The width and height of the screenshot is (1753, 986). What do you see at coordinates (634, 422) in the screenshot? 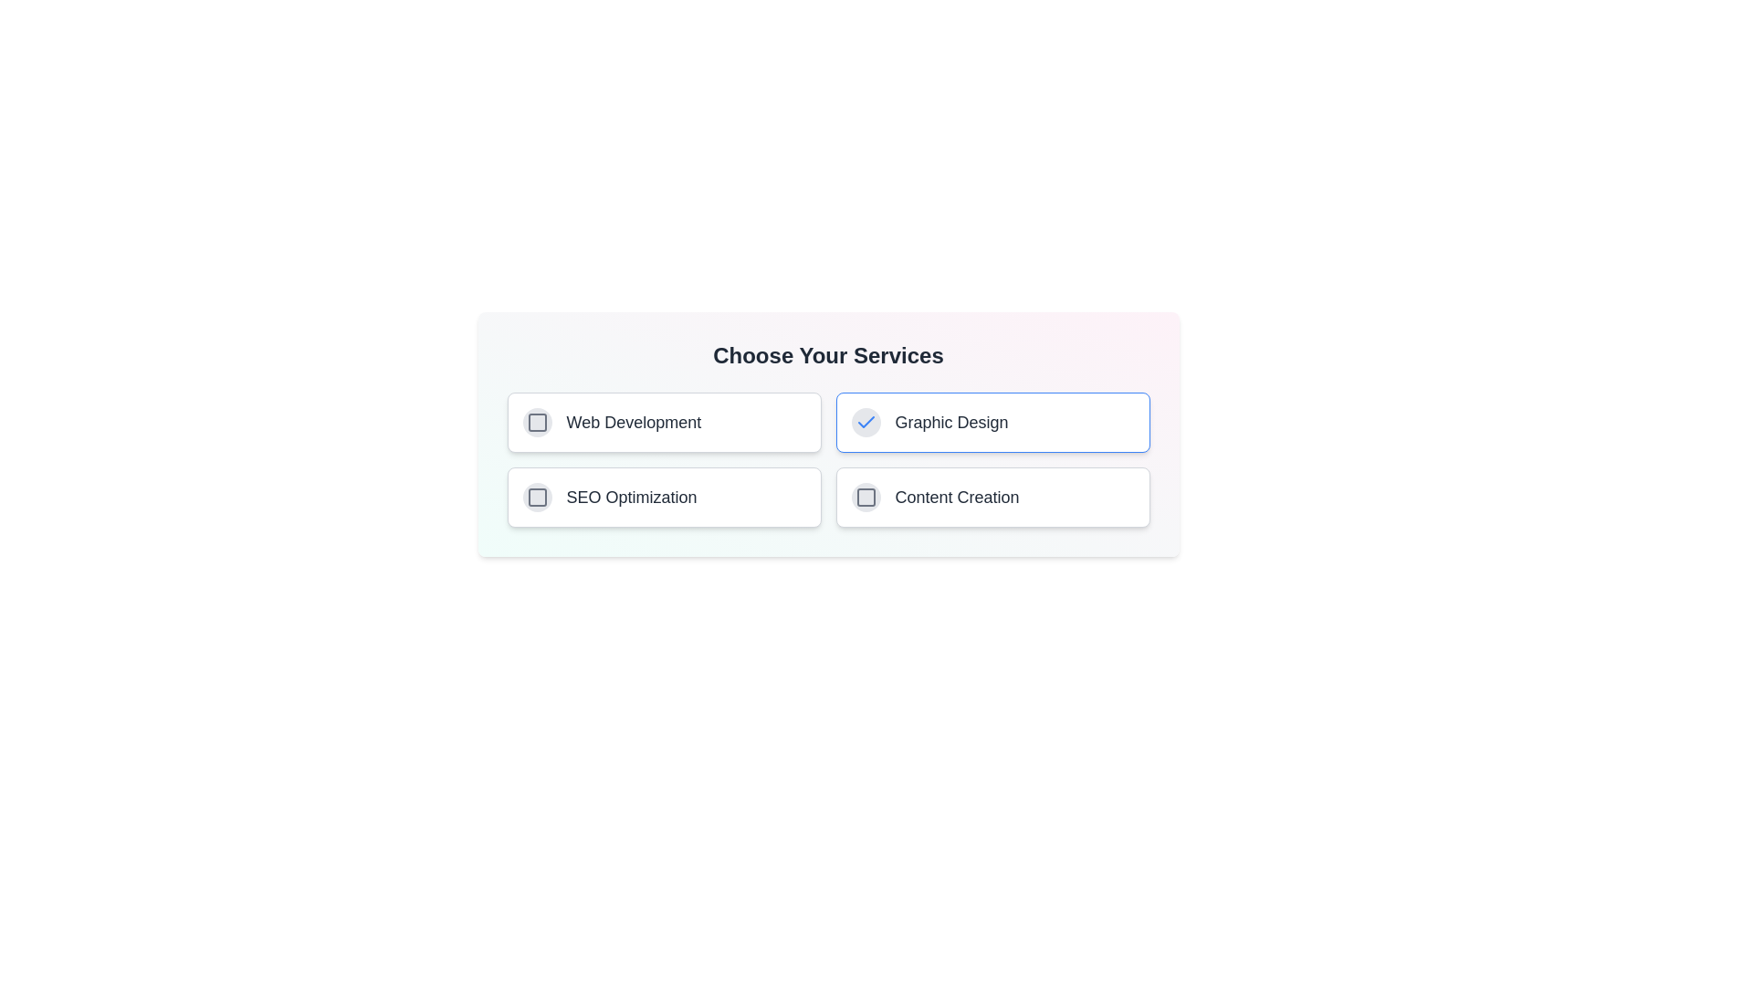
I see `the service labeled Web Development` at bounding box center [634, 422].